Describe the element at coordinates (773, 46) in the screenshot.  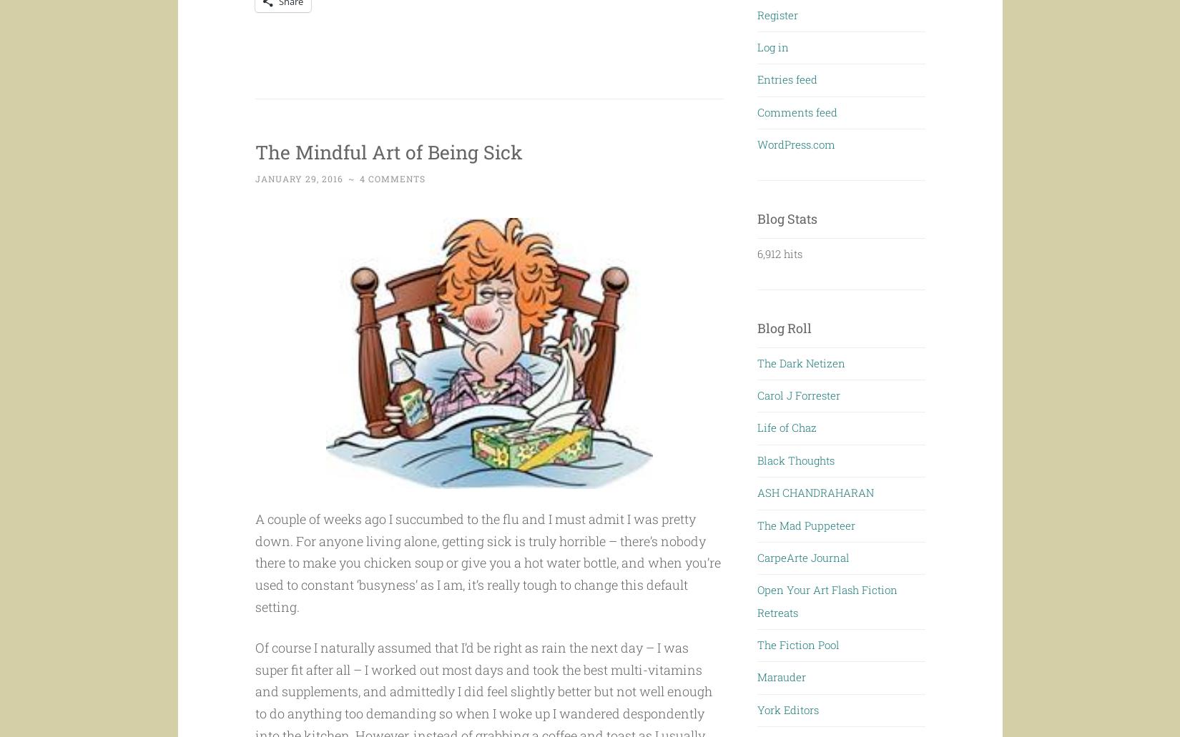
I see `'Log in'` at that location.